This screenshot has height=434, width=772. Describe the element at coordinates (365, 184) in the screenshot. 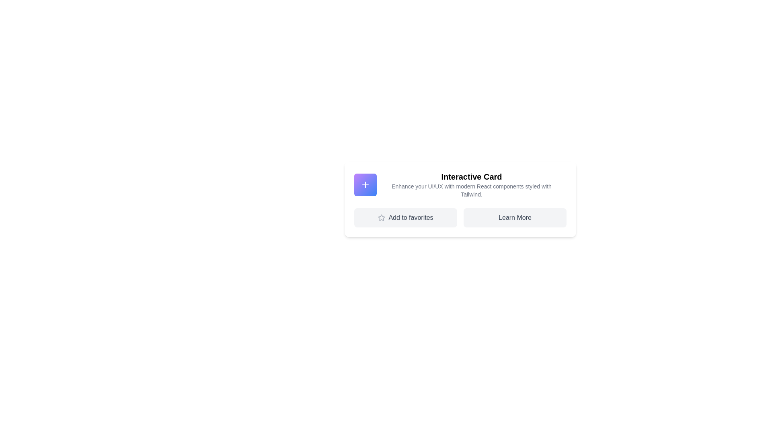

I see `the SVG 'plus' icon located at the center of the square area on the 'Interactive Card', which features a white color and a gradient background transitioning from purple to blue` at that location.